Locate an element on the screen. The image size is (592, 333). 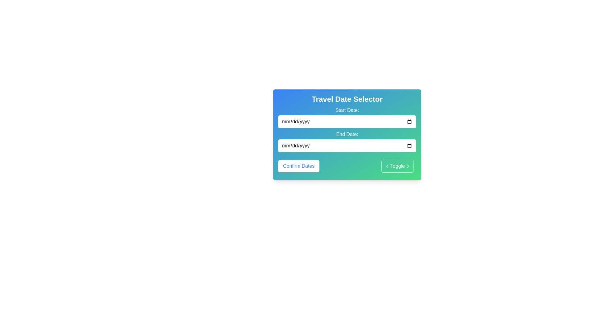
the Toggle button located in the bottom-right portion of the panel, adjacent to the 'Confirm Dates' button is located at coordinates (397, 166).